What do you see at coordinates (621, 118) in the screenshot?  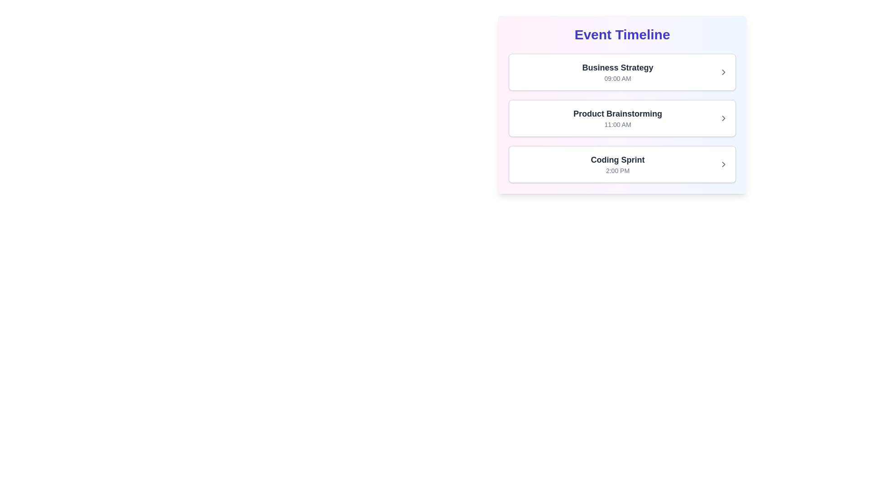 I see `the second list item representing the event 'Product Brainstorming' scheduled at '11:00 AM'` at bounding box center [621, 118].